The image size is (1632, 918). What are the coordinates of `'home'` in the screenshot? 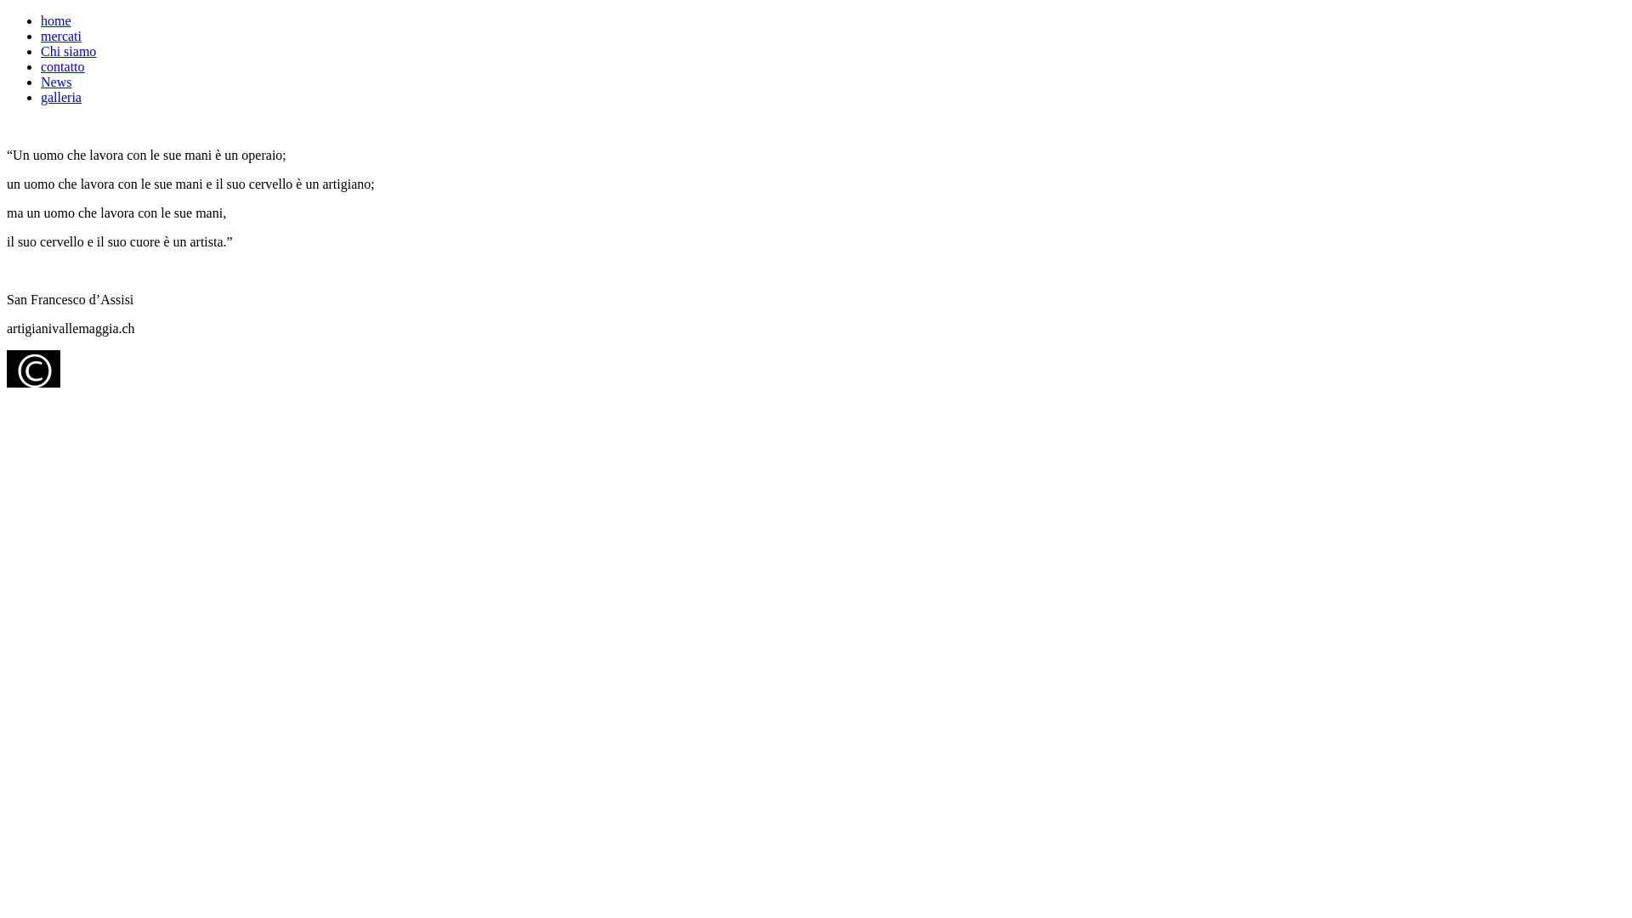 It's located at (41, 20).